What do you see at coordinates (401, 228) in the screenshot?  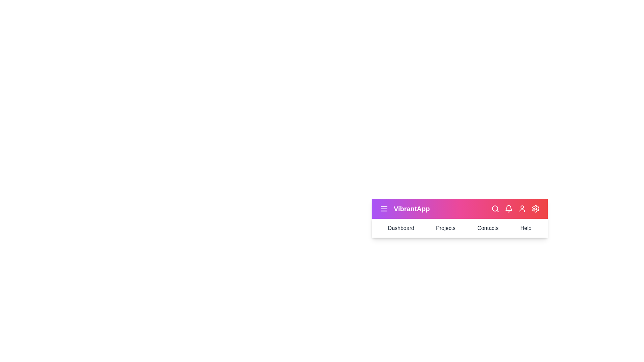 I see `the menu option labeled Dashboard` at bounding box center [401, 228].